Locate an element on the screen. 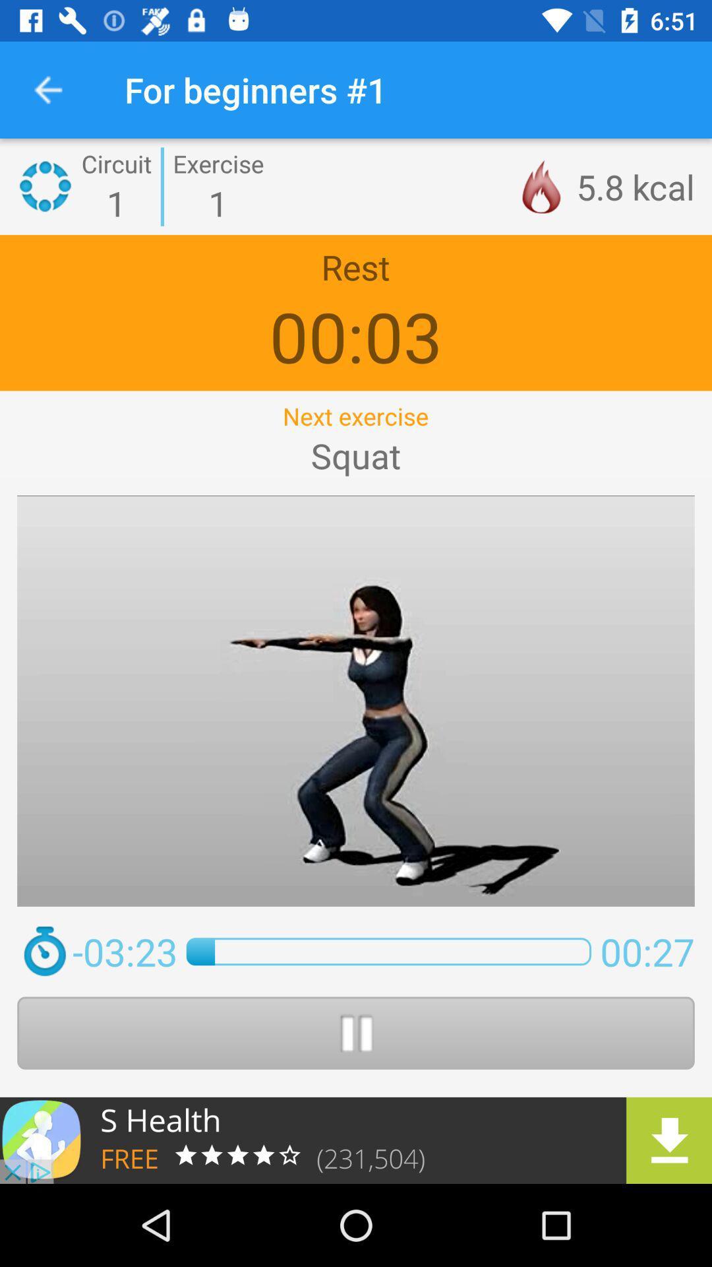  download the application is located at coordinates (356, 1140).